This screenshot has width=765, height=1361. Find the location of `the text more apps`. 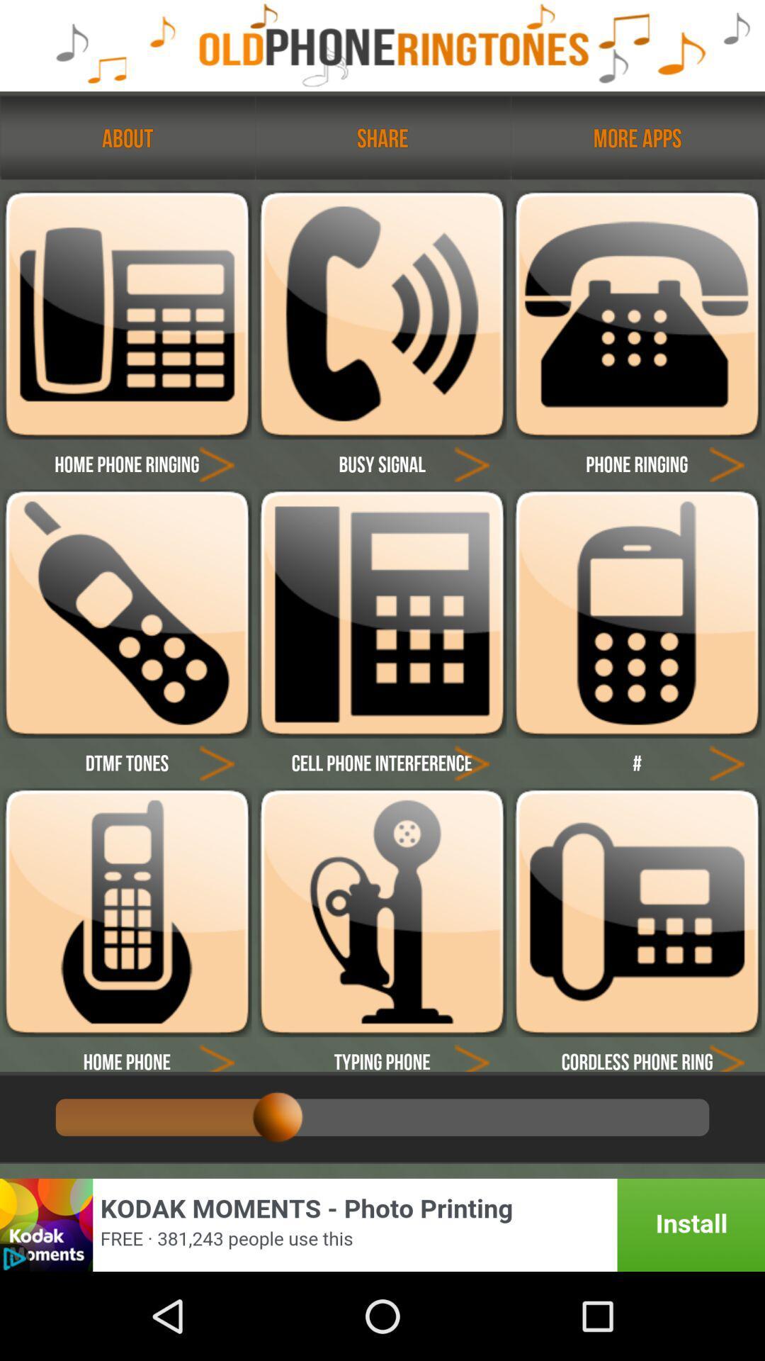

the text more apps is located at coordinates (637, 138).